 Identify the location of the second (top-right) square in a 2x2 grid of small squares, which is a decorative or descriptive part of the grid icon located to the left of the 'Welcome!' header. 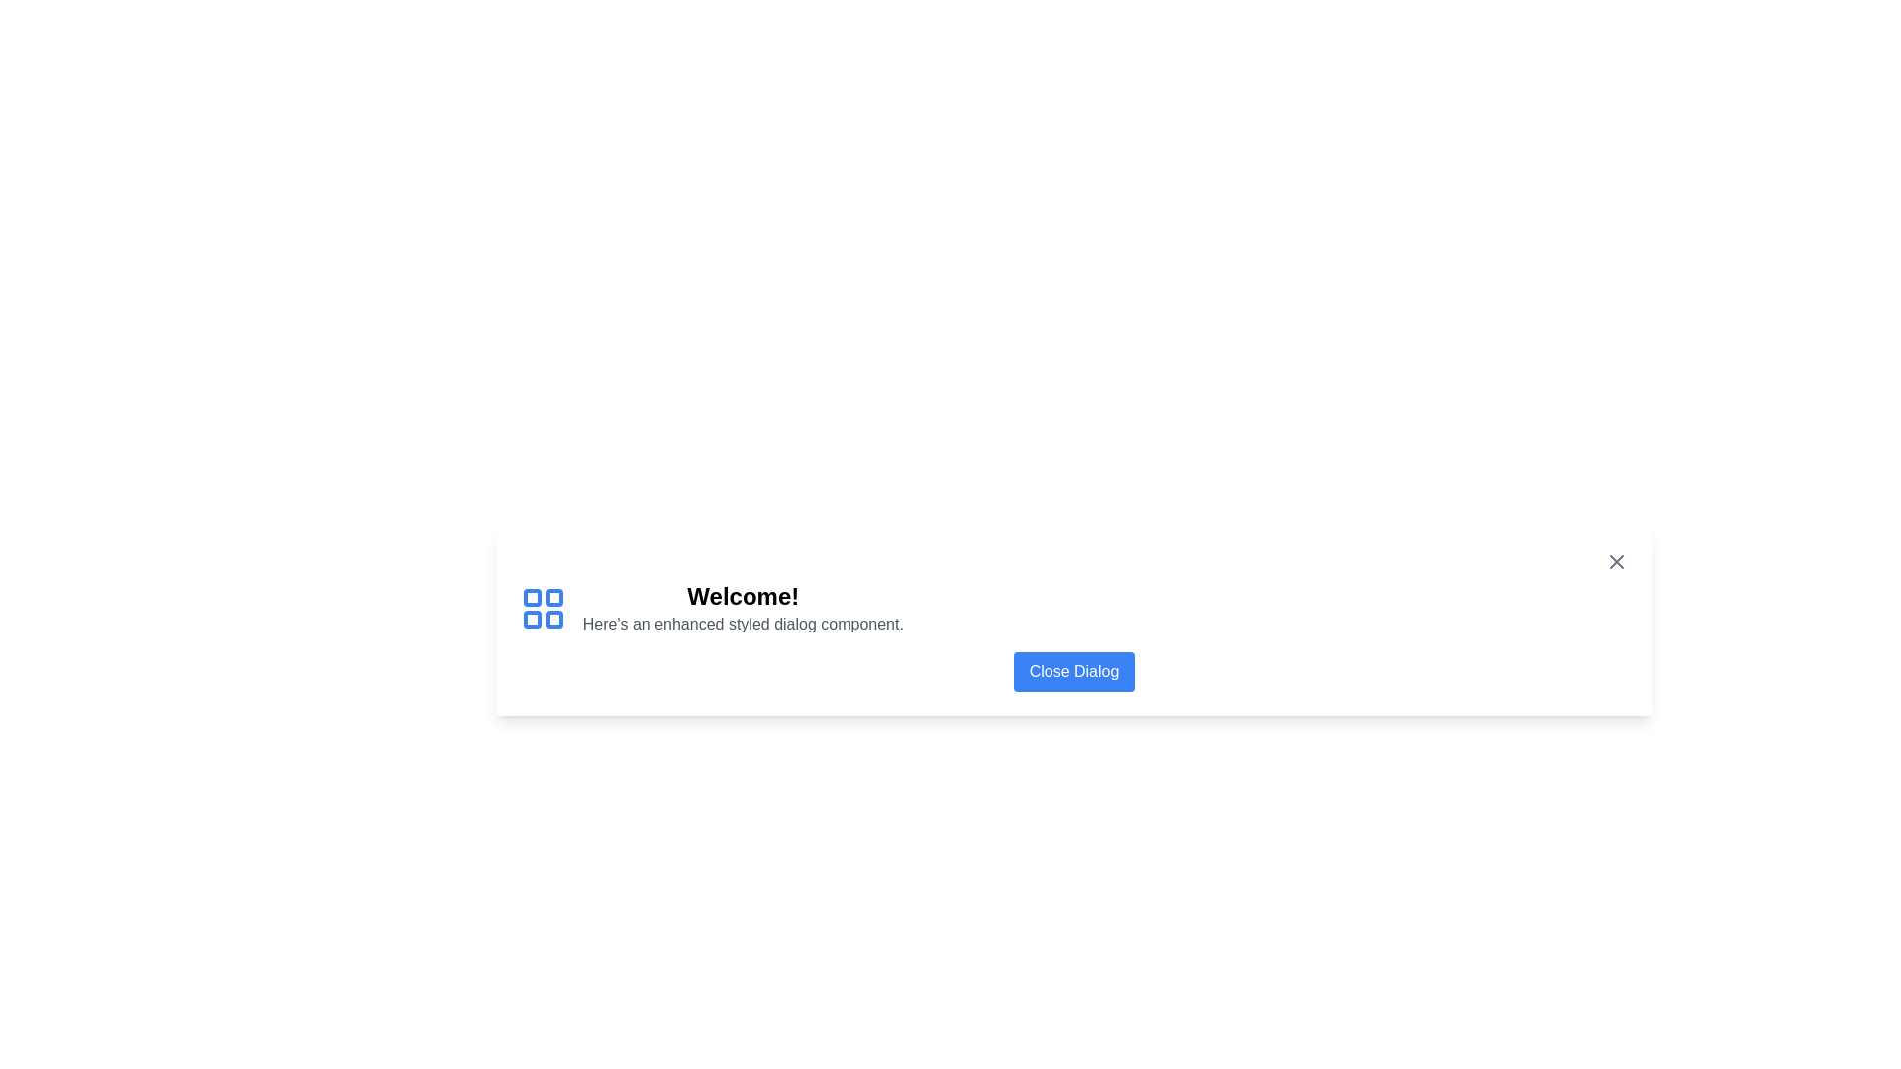
(553, 596).